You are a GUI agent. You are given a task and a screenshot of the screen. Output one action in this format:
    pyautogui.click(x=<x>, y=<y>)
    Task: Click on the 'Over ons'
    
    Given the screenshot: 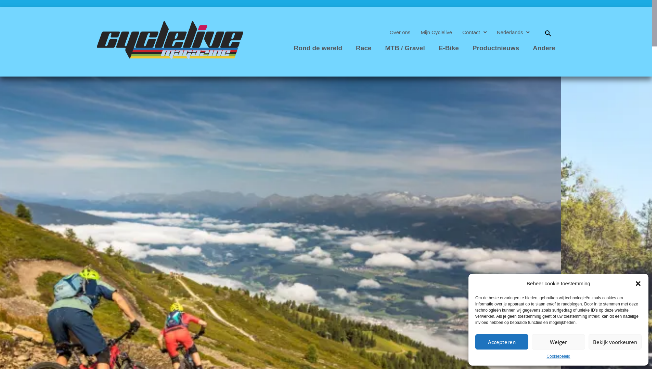 What is the action you would take?
    pyautogui.click(x=400, y=32)
    